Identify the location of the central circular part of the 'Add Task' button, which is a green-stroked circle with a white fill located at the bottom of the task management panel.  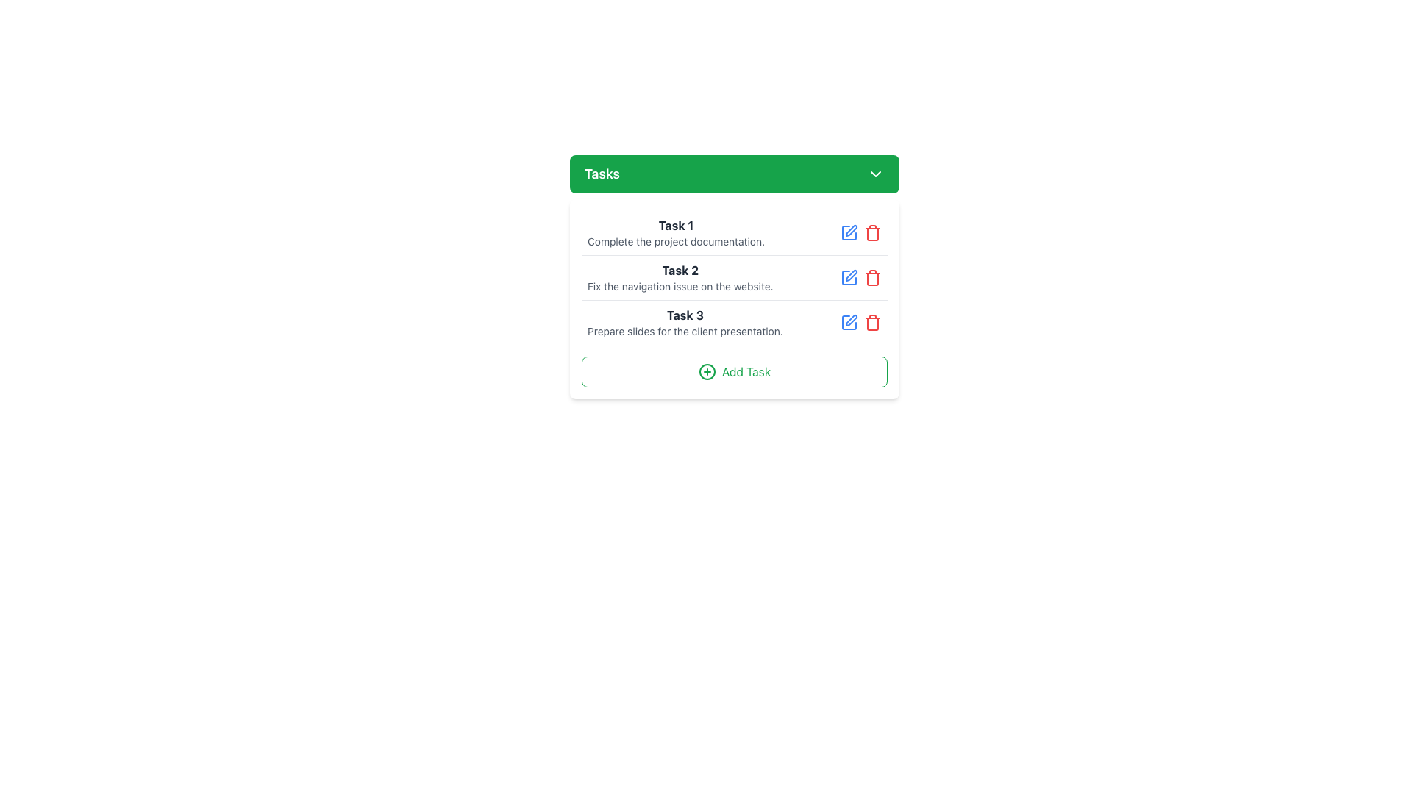
(707, 371).